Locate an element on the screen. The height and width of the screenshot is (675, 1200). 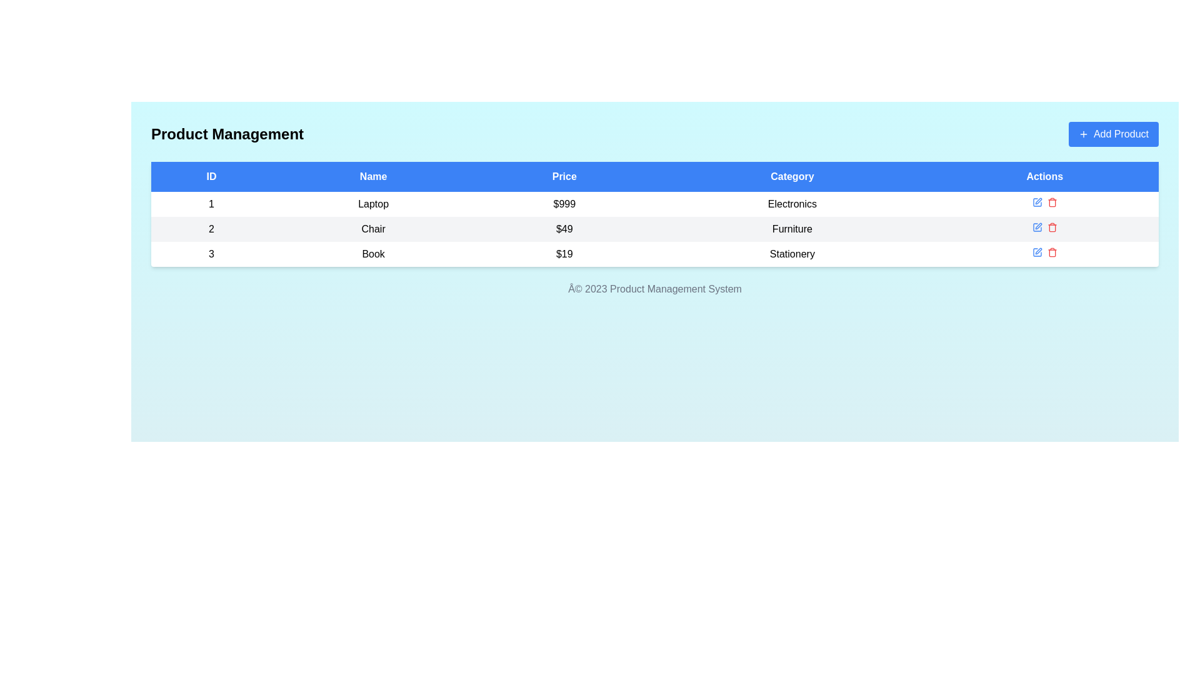
the Action Buttons Group in the rightmost cell of the third row of the table is located at coordinates (1044, 254).